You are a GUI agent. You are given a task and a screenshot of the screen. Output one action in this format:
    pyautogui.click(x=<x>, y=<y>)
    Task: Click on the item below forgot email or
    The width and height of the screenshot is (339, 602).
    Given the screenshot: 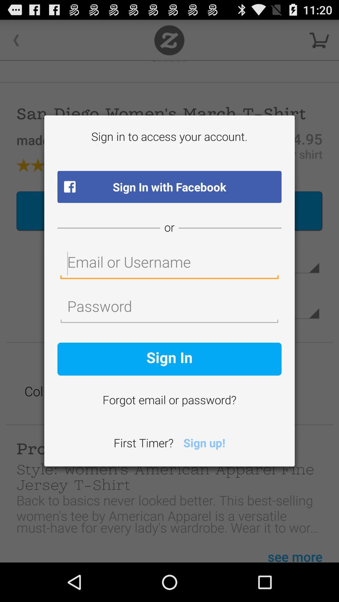 What is the action you would take?
    pyautogui.click(x=204, y=444)
    